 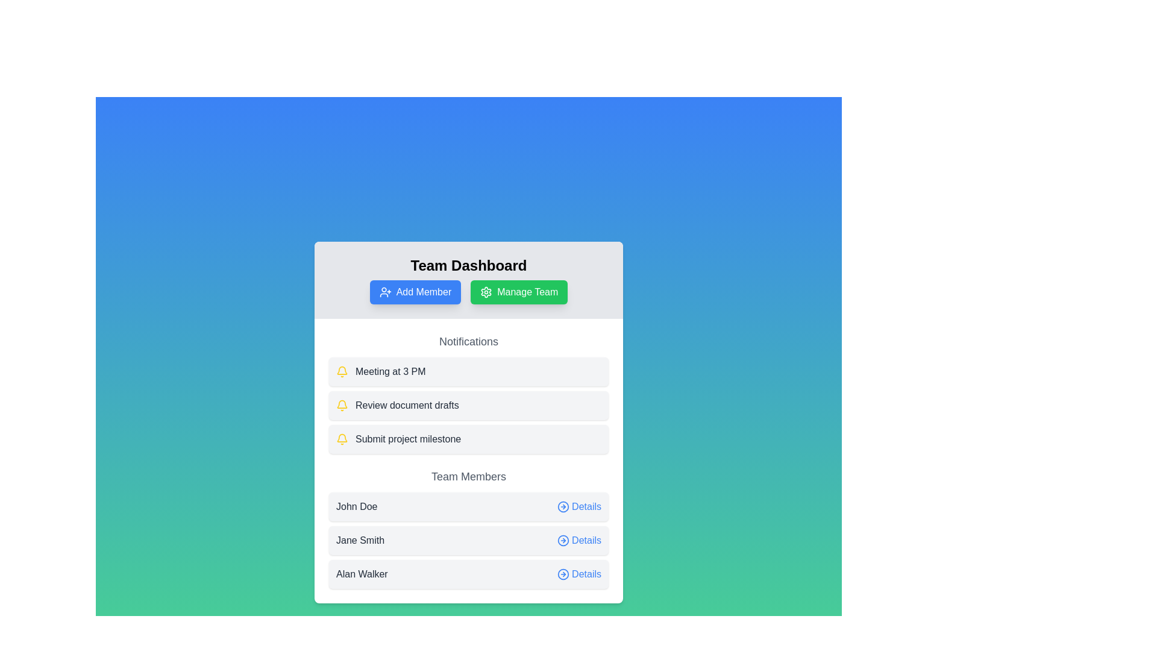 What do you see at coordinates (468, 476) in the screenshot?
I see `the section header label that separates the notifications list from the team members' details cards` at bounding box center [468, 476].